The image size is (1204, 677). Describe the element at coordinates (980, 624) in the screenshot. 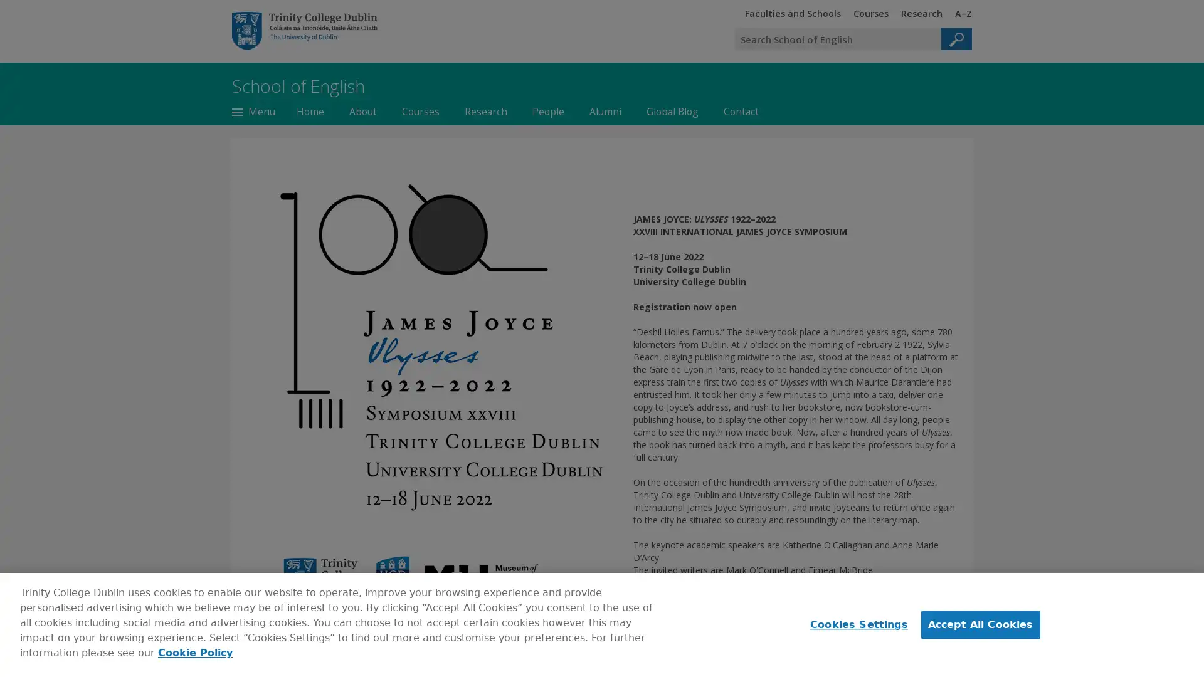

I see `Accept All Cookies` at that location.